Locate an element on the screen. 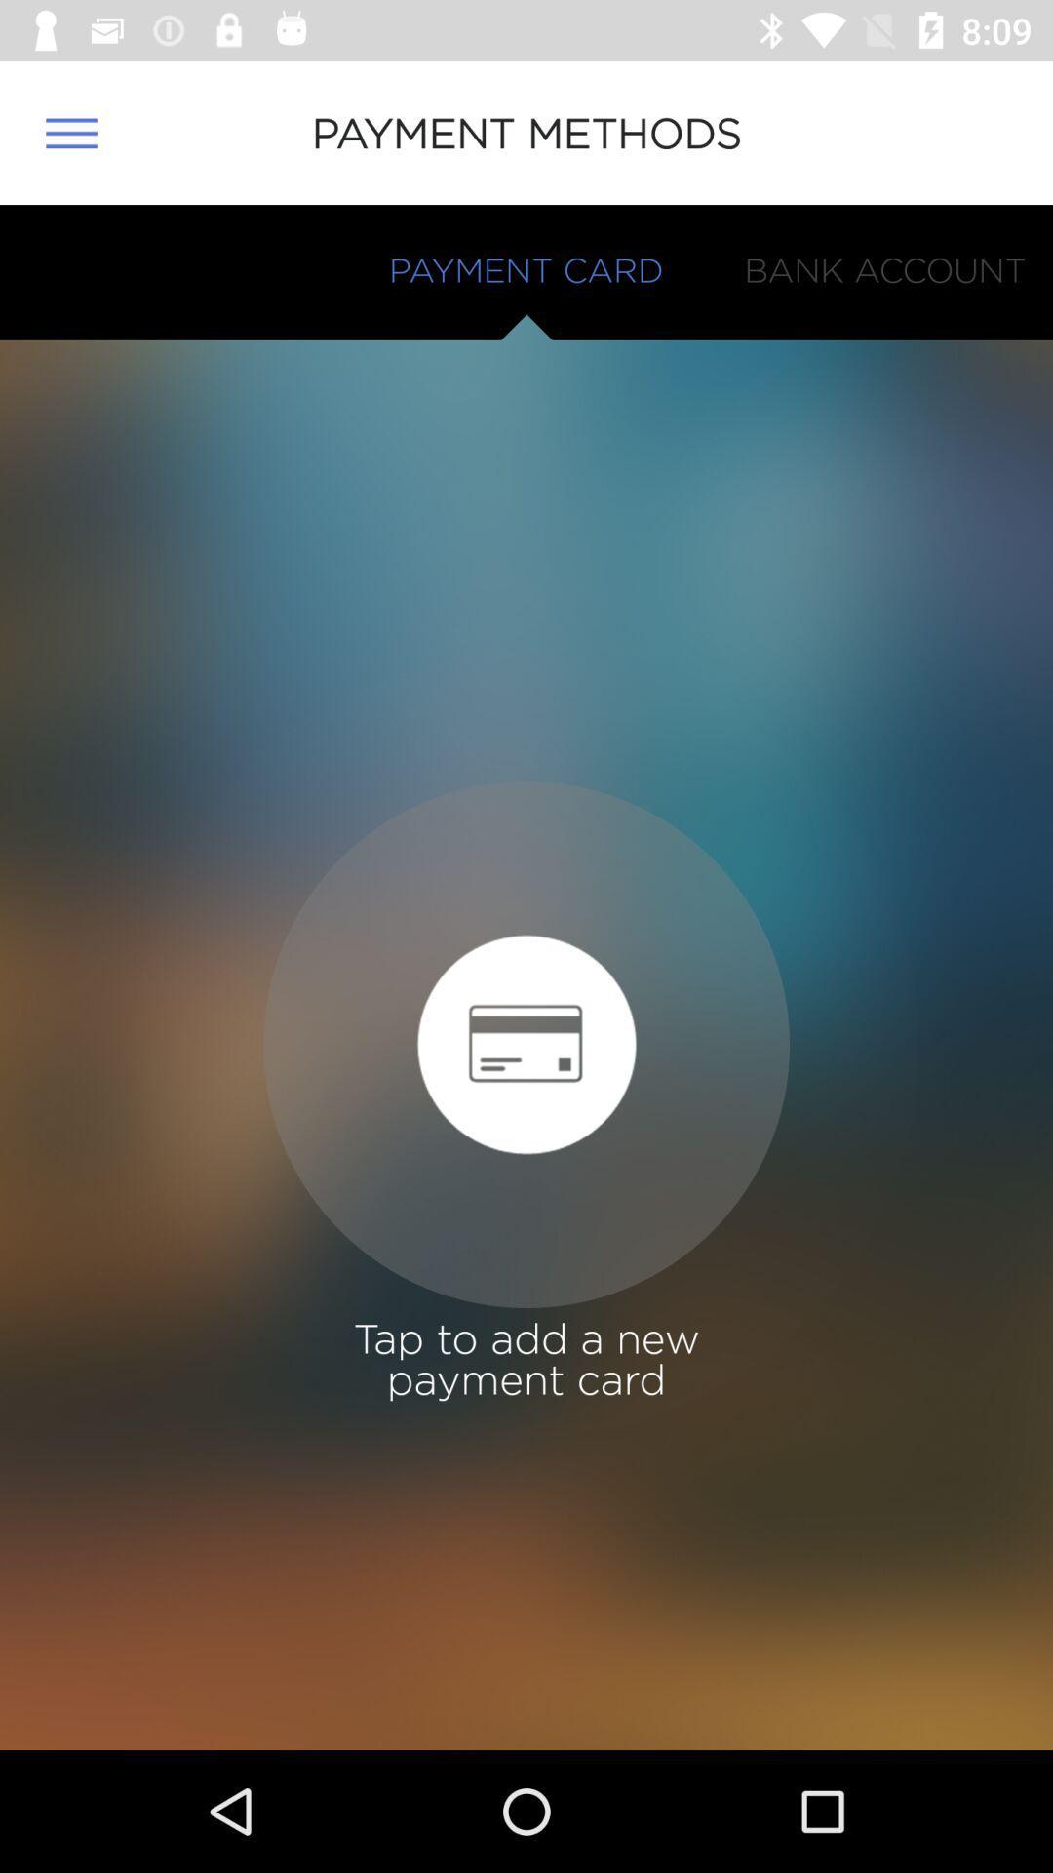 This screenshot has width=1053, height=1873. icon next to payment methods is located at coordinates (70, 132).